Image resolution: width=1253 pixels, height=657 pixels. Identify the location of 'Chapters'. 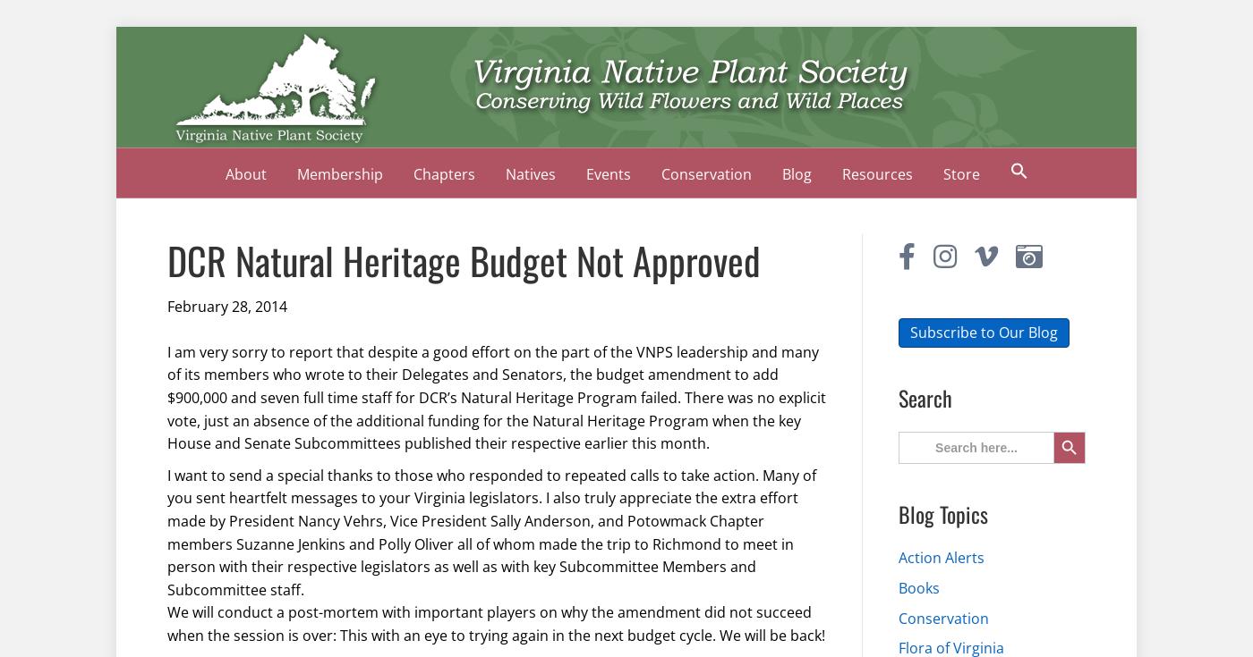
(413, 173).